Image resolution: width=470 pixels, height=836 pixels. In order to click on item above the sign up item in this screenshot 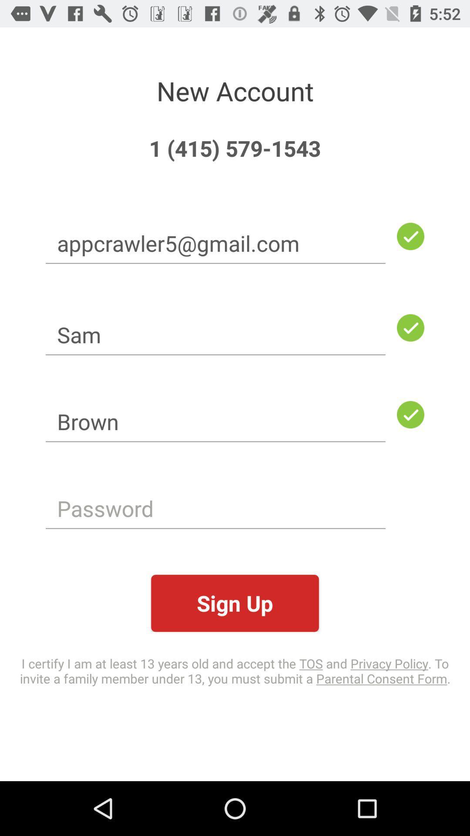, I will do `click(215, 508)`.